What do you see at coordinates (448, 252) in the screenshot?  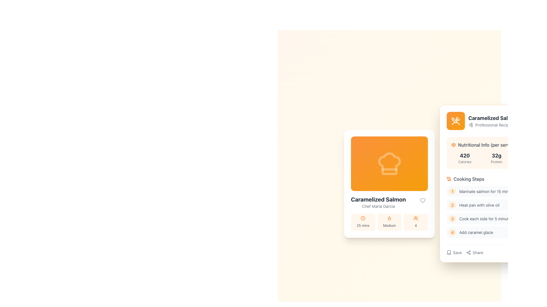 I see `the SVG icon resembling a book located in the lower-right corner of the recipe details panel` at bounding box center [448, 252].